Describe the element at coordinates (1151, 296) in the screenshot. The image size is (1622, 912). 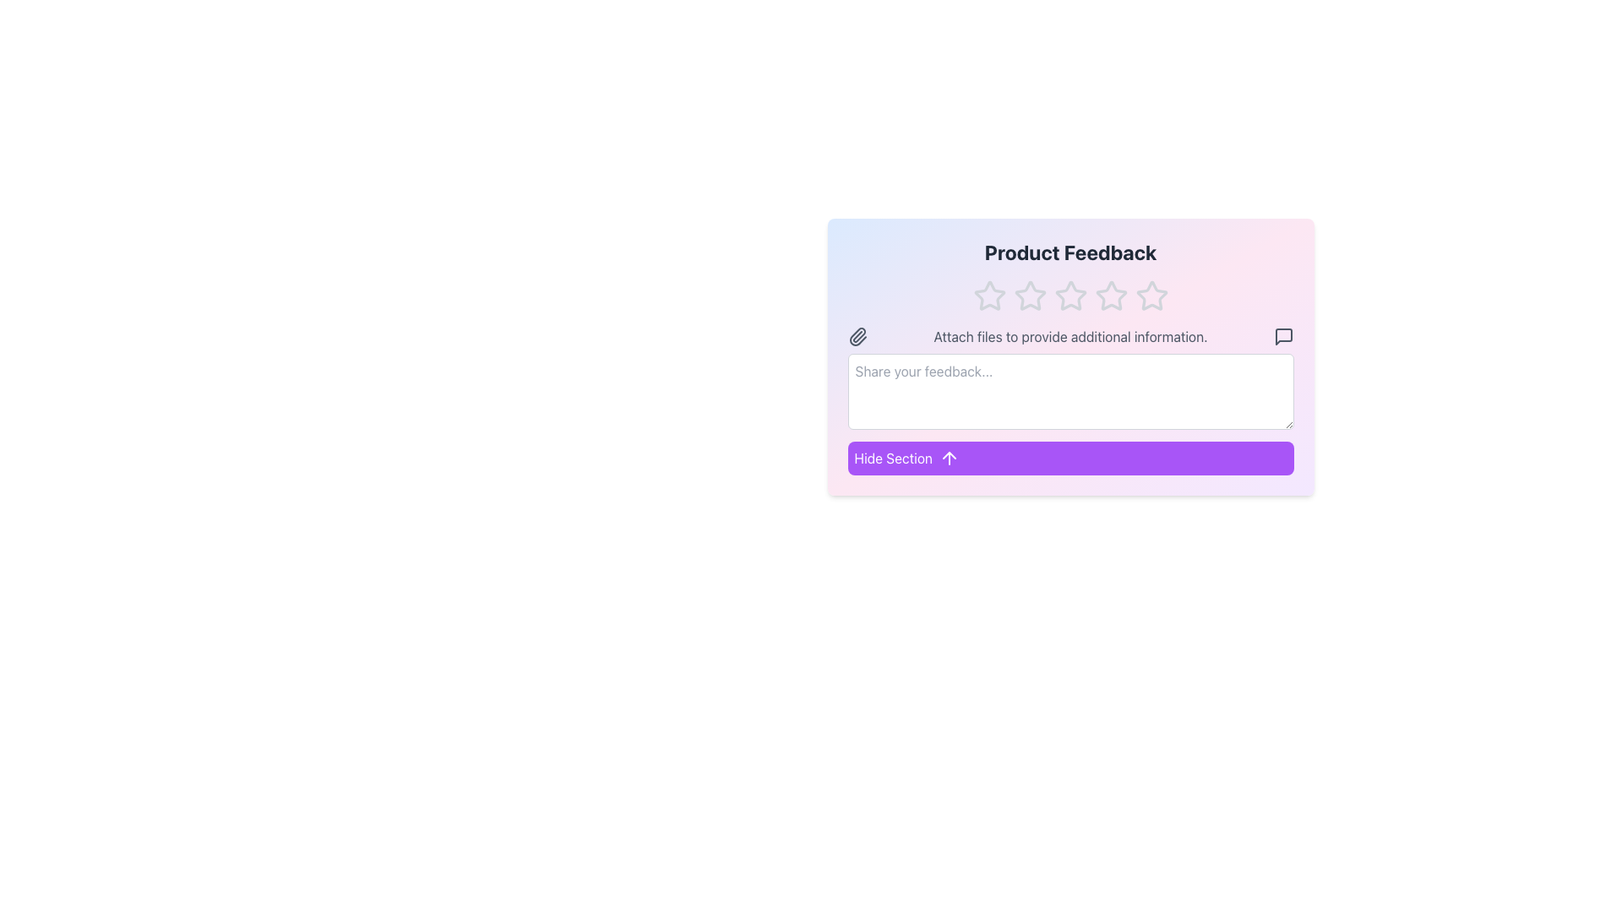
I see `the fifth star icon in the rating system to indicate the highest rating for the product feedback` at that location.